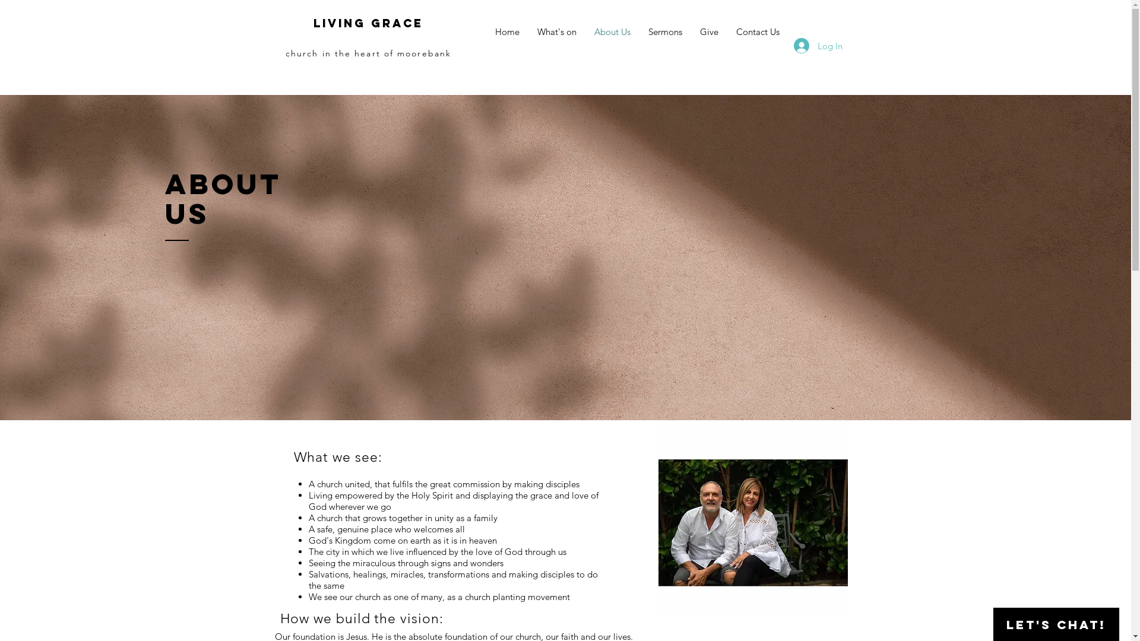 The width and height of the screenshot is (1140, 641). Describe the element at coordinates (691, 31) in the screenshot. I see `'Give'` at that location.